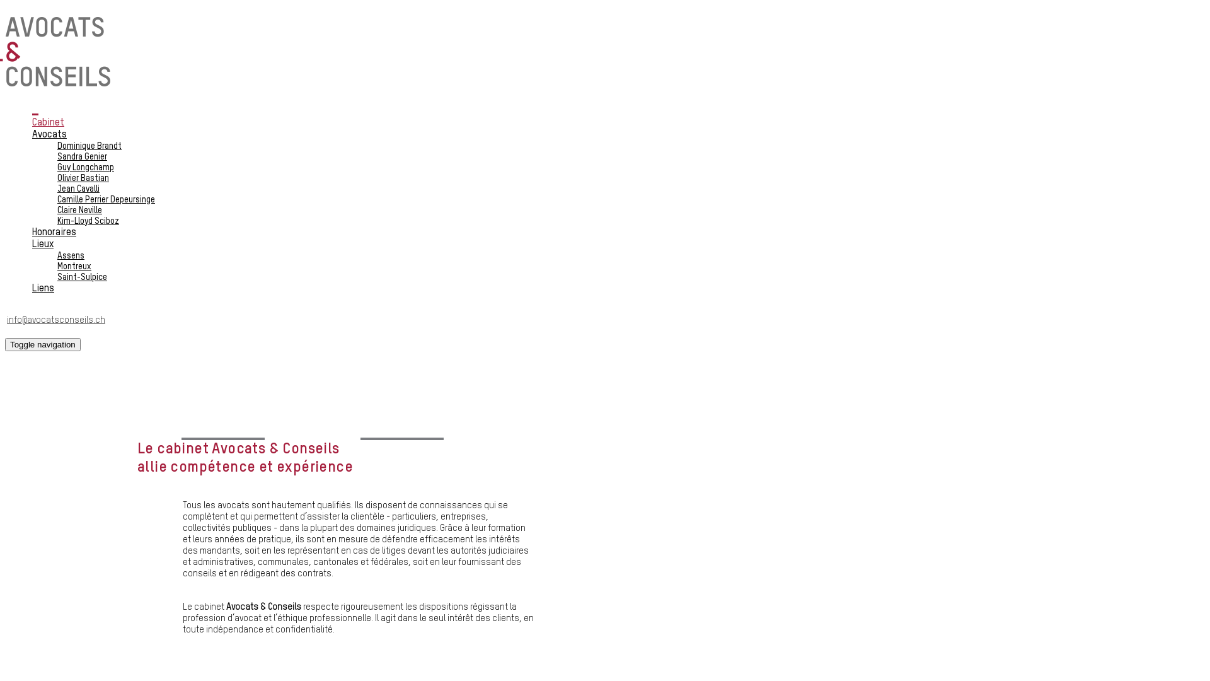 The height and width of the screenshot is (681, 1210). I want to click on 'Kim-Lloyd Sciboz', so click(54, 221).